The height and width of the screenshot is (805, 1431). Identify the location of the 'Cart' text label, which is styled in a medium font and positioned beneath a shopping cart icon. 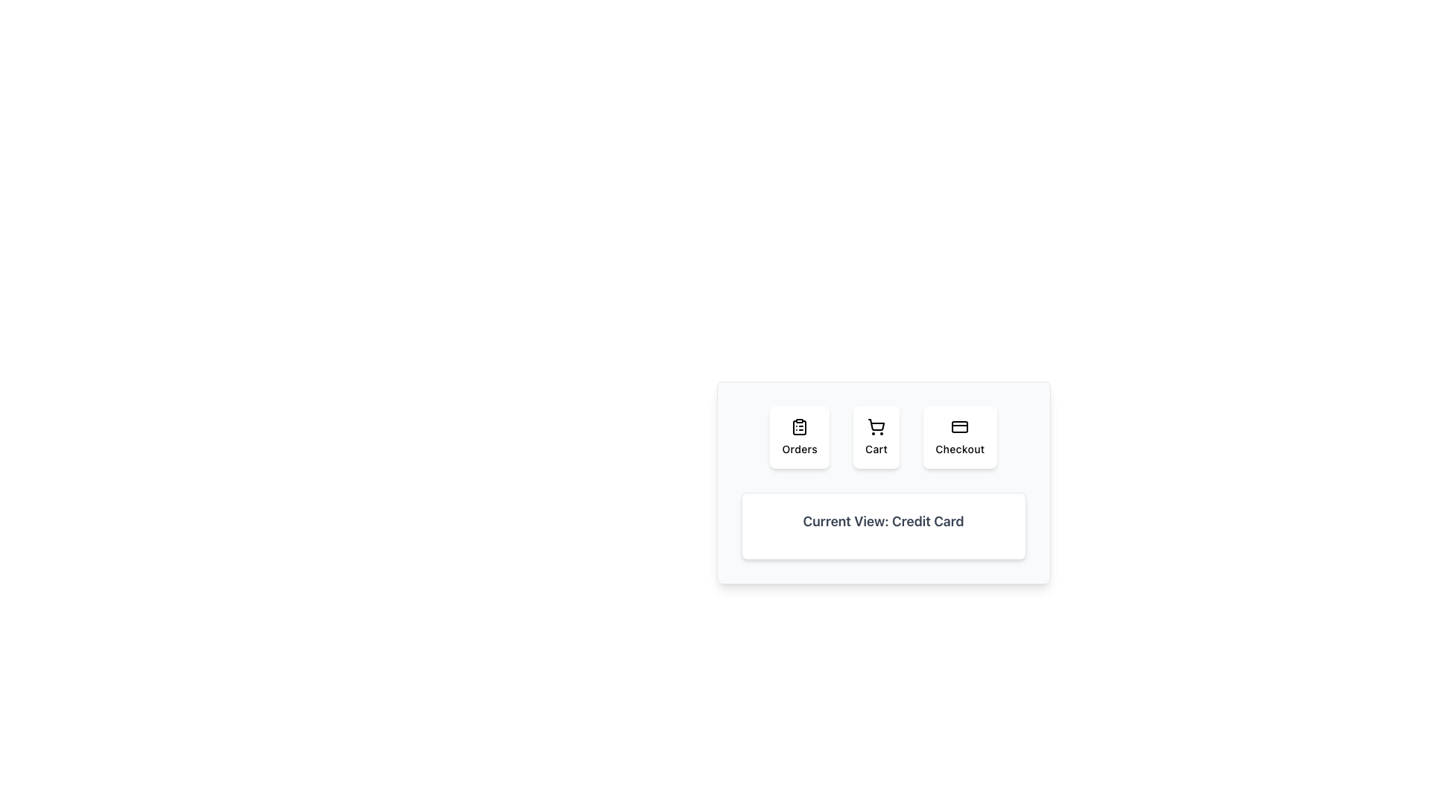
(876, 448).